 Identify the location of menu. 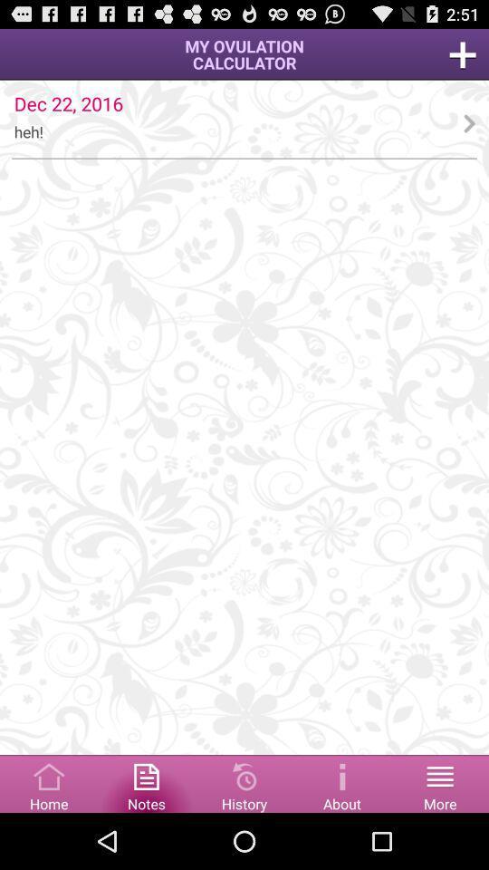
(49, 782).